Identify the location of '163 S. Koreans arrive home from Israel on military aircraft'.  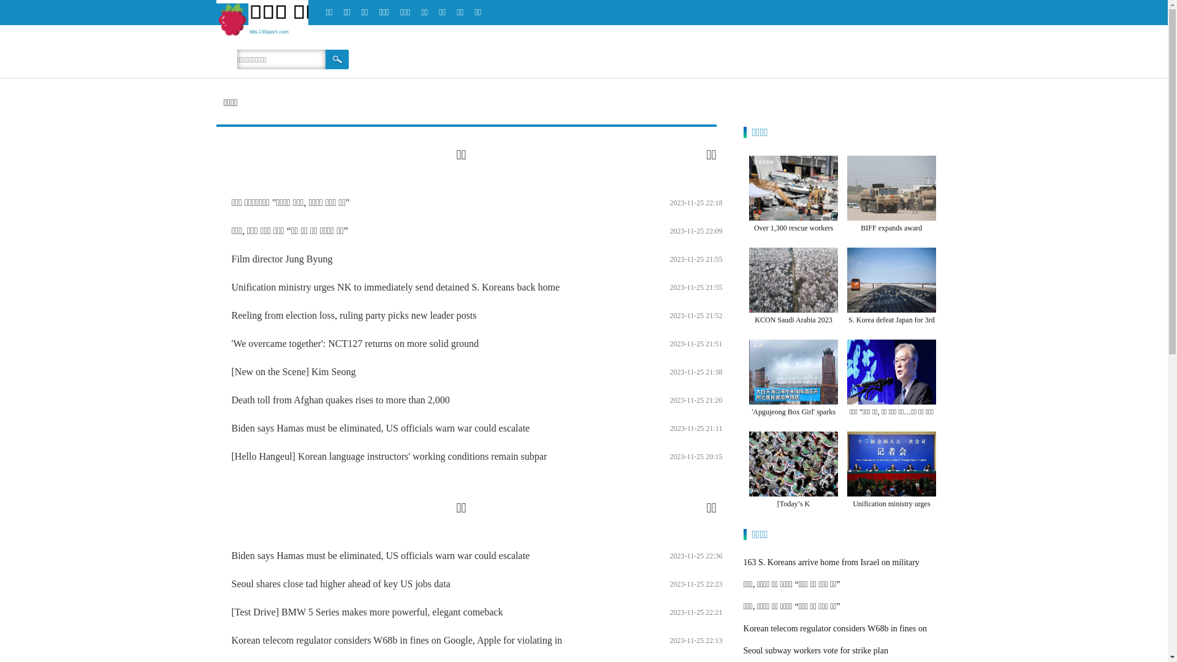
(831, 573).